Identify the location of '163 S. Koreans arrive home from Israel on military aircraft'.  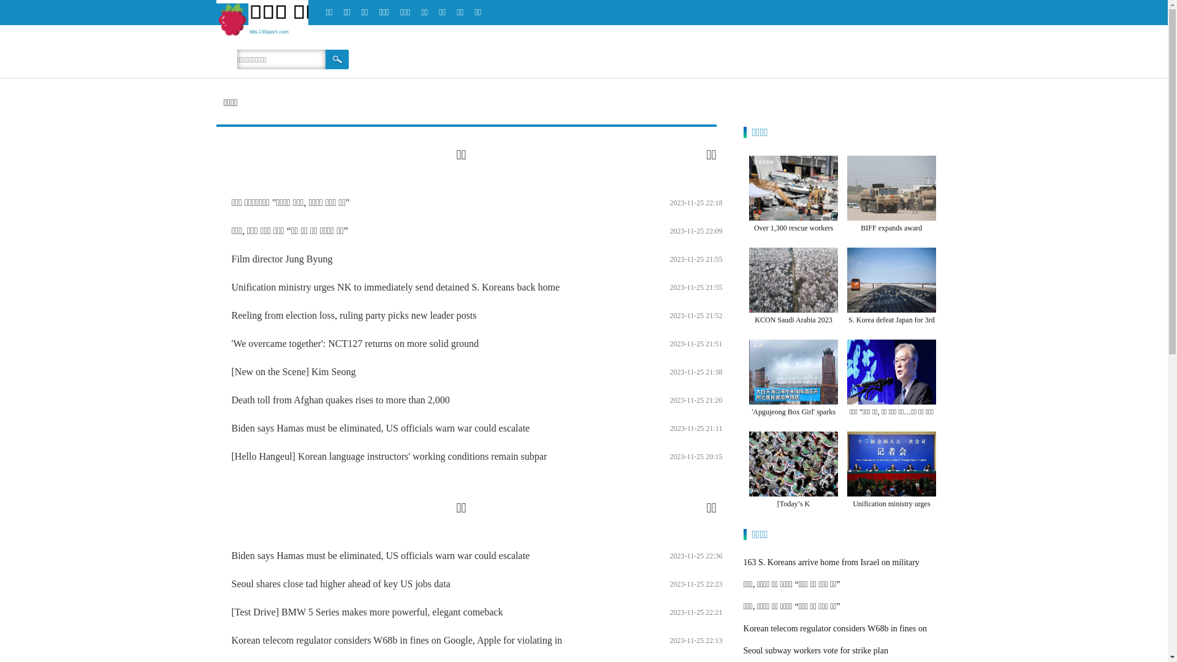
(831, 573).